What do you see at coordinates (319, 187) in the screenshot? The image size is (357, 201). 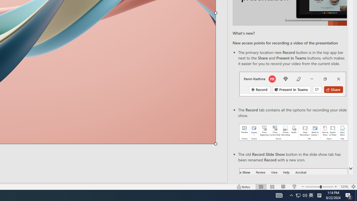 I see `'Zoom'` at bounding box center [319, 187].